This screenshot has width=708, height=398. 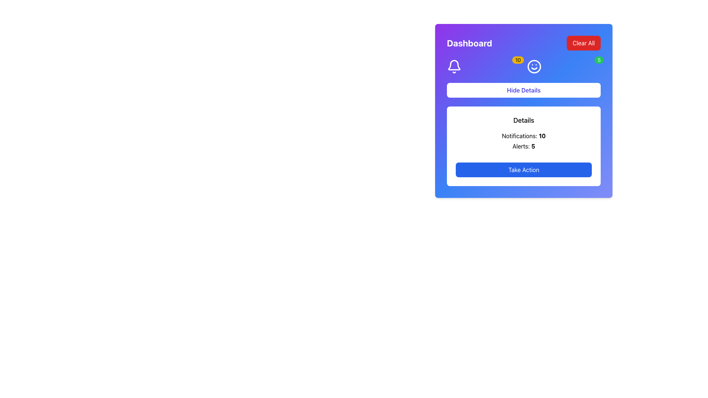 I want to click on the notification bell icon located in the top-left section of the card, which serves as a visual cue for alerts or updates, so click(x=454, y=64).